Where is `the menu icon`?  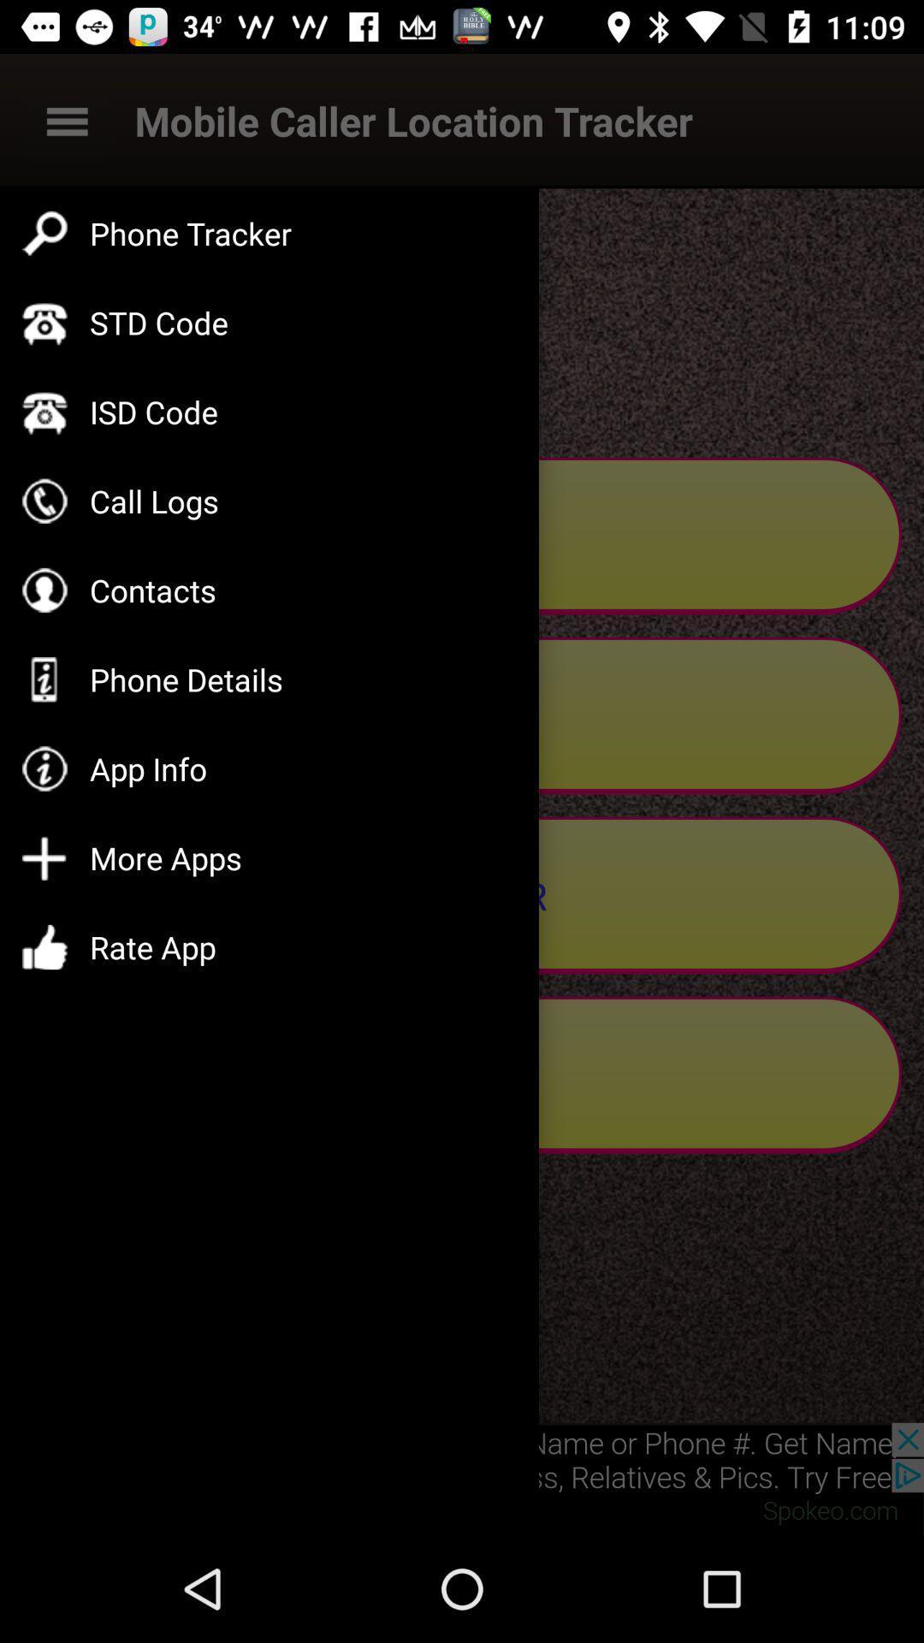 the menu icon is located at coordinates (66, 120).